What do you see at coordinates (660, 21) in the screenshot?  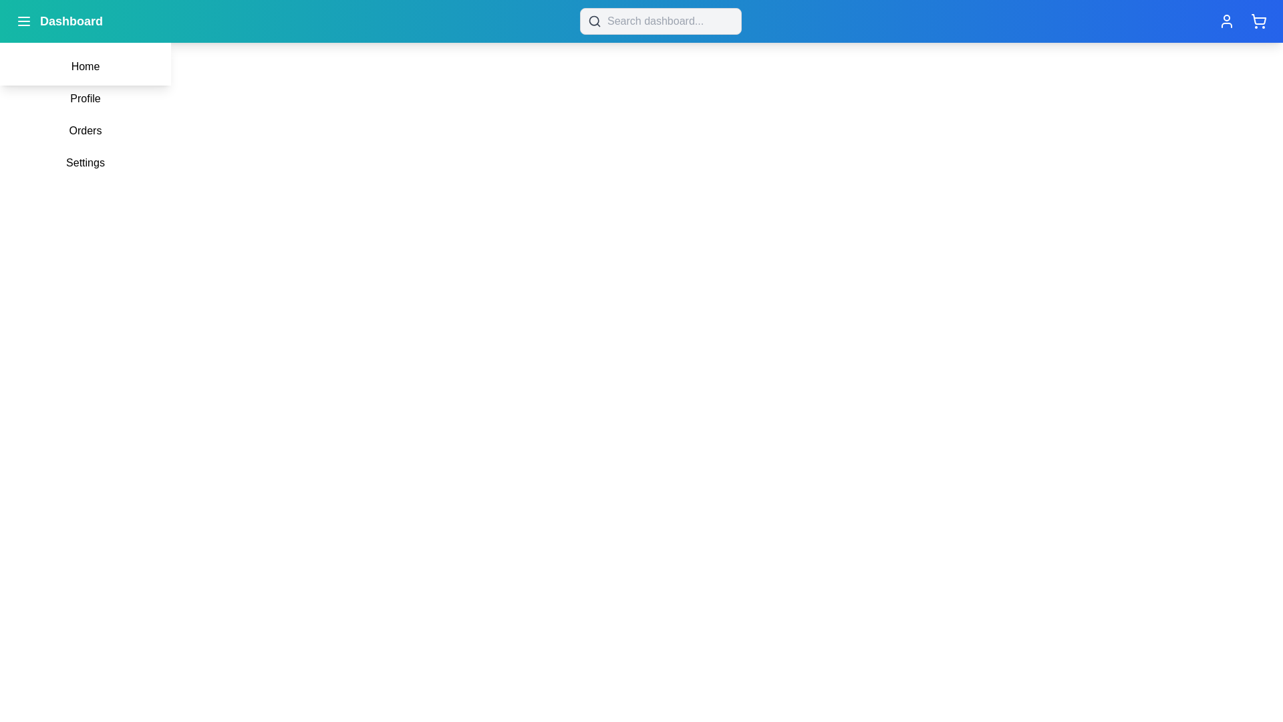 I see `the centrally positioned text input field with an icon in the header section` at bounding box center [660, 21].